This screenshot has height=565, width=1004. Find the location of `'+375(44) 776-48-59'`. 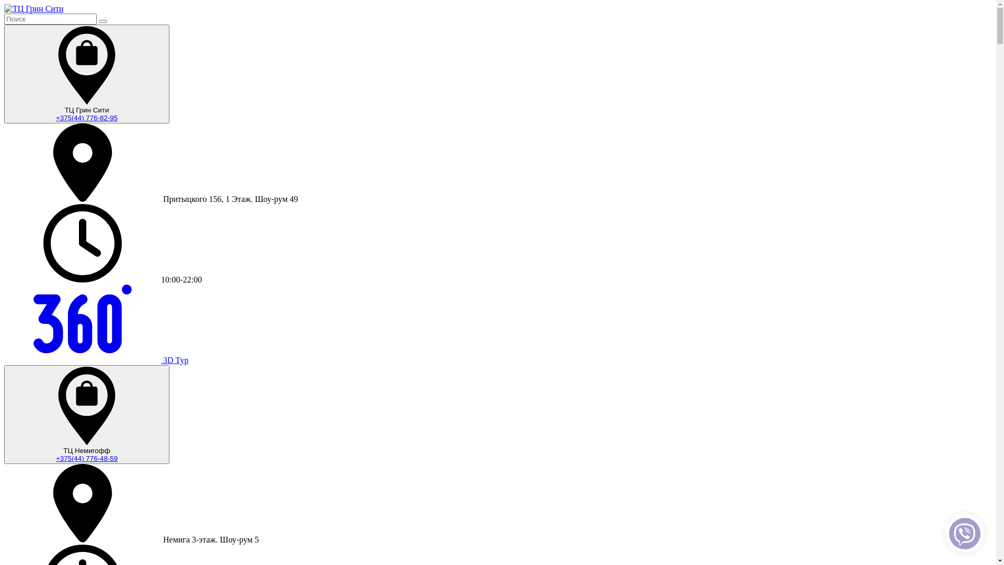

'+375(44) 776-48-59' is located at coordinates (87, 458).